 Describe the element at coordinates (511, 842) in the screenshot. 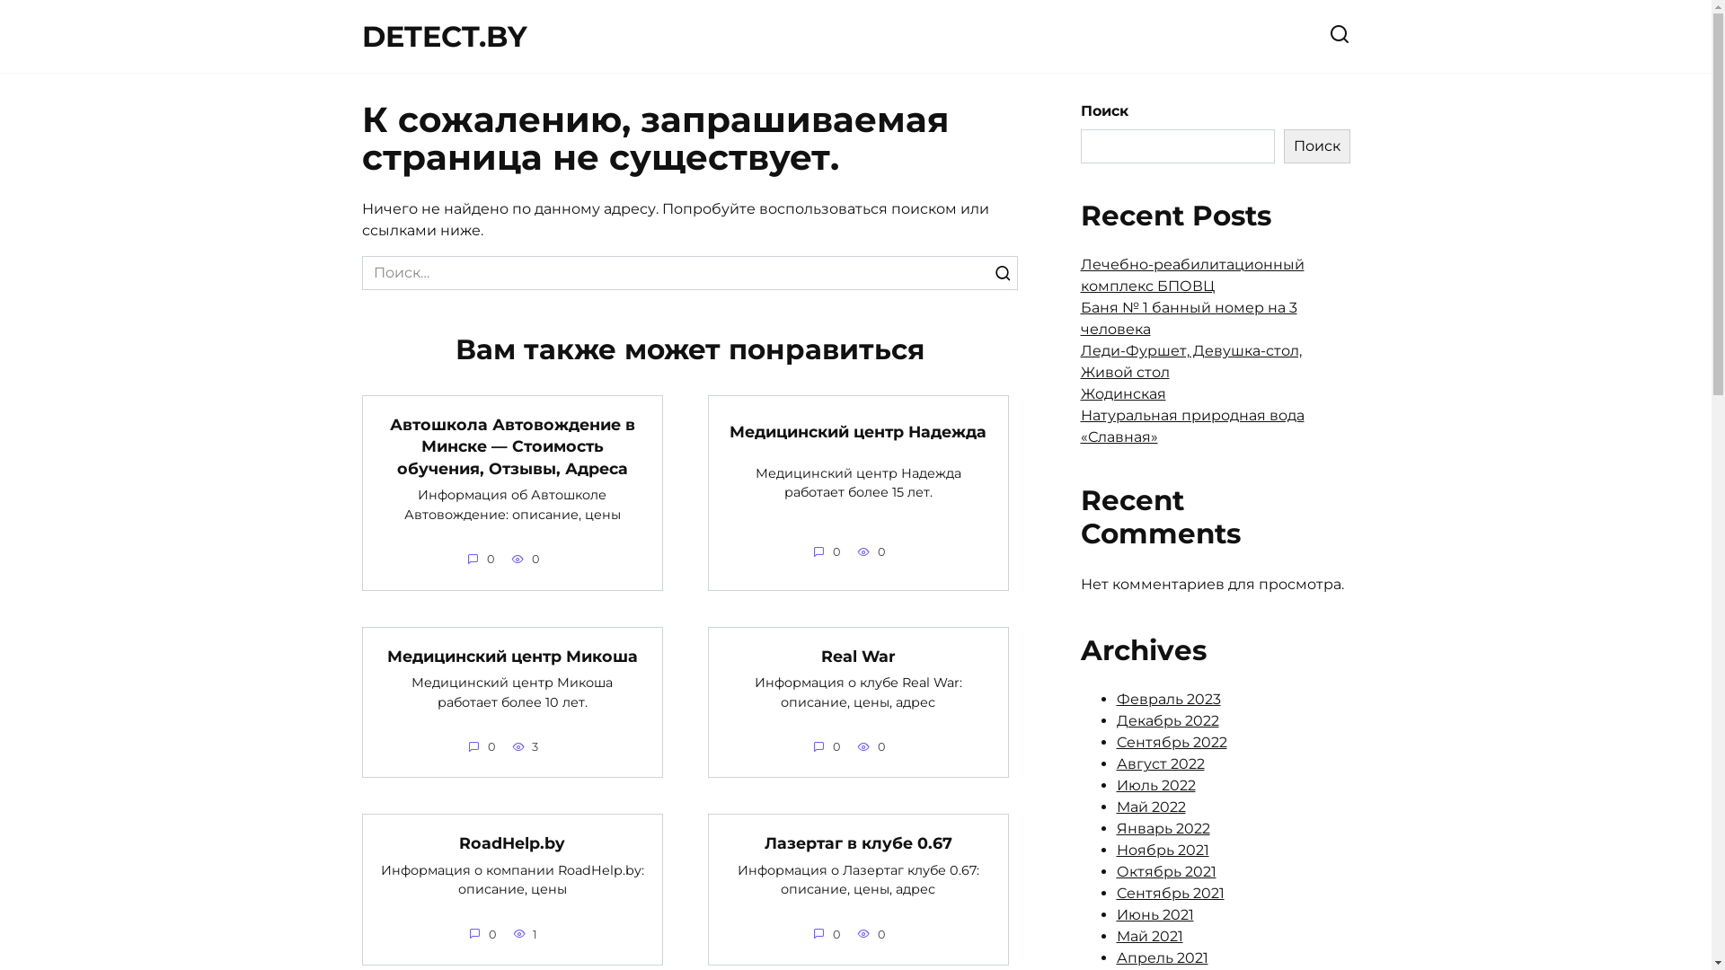

I see `'RoadHelp.by'` at that location.